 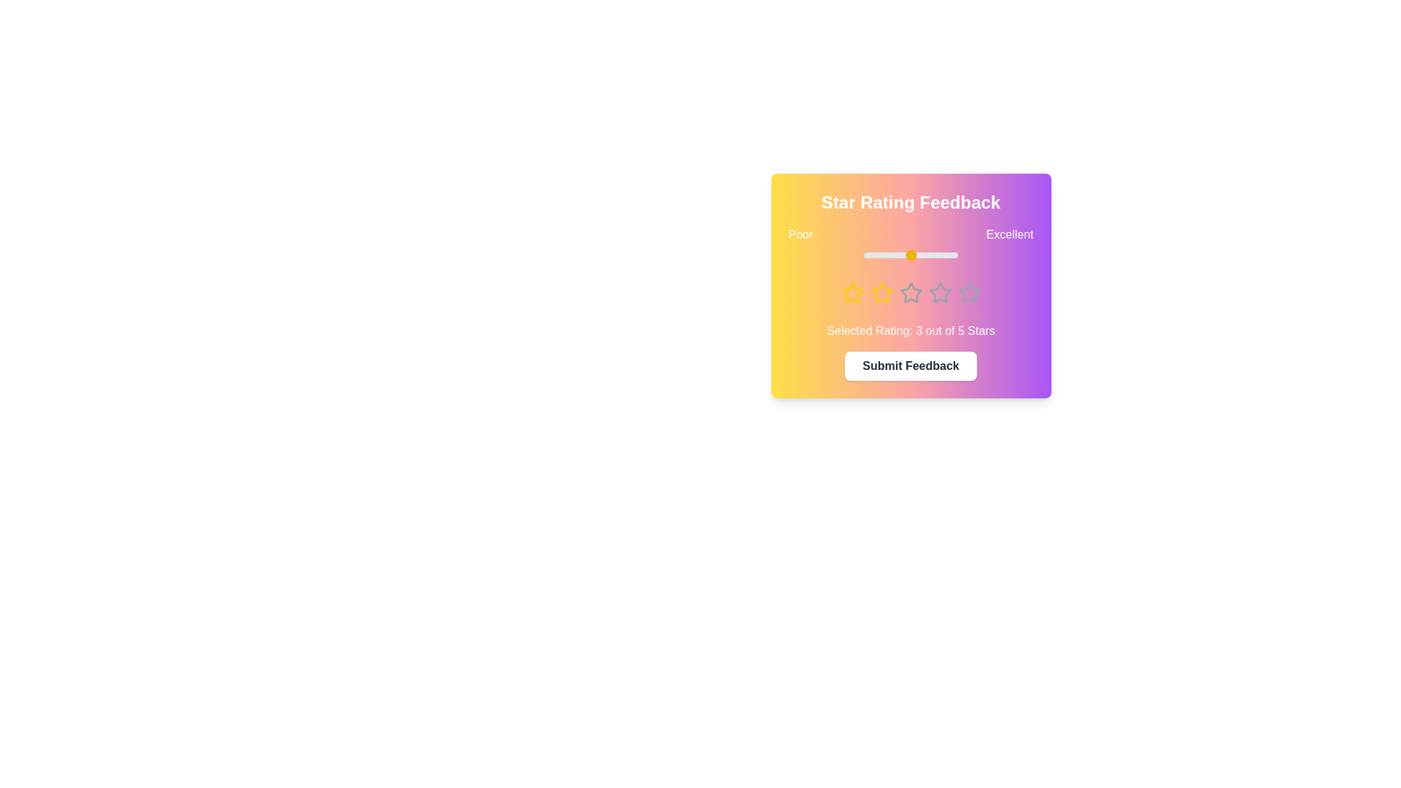 I want to click on the star corresponding to the desired rating 3, so click(x=910, y=293).